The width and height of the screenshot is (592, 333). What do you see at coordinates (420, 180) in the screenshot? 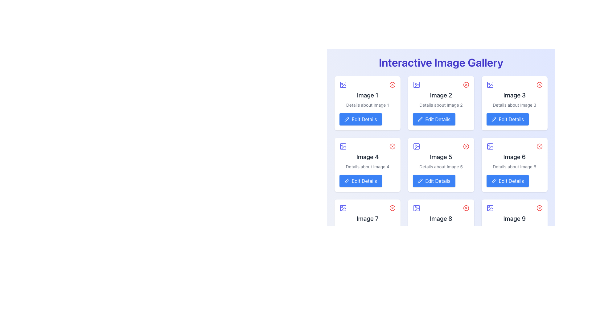
I see `the pen icon located in the 'Edit Details' button of the card titled 'Image 5', which is styled as a minimalistic line drawing and is positioned in the center column of the second row in a 3x3 grid layout` at bounding box center [420, 180].